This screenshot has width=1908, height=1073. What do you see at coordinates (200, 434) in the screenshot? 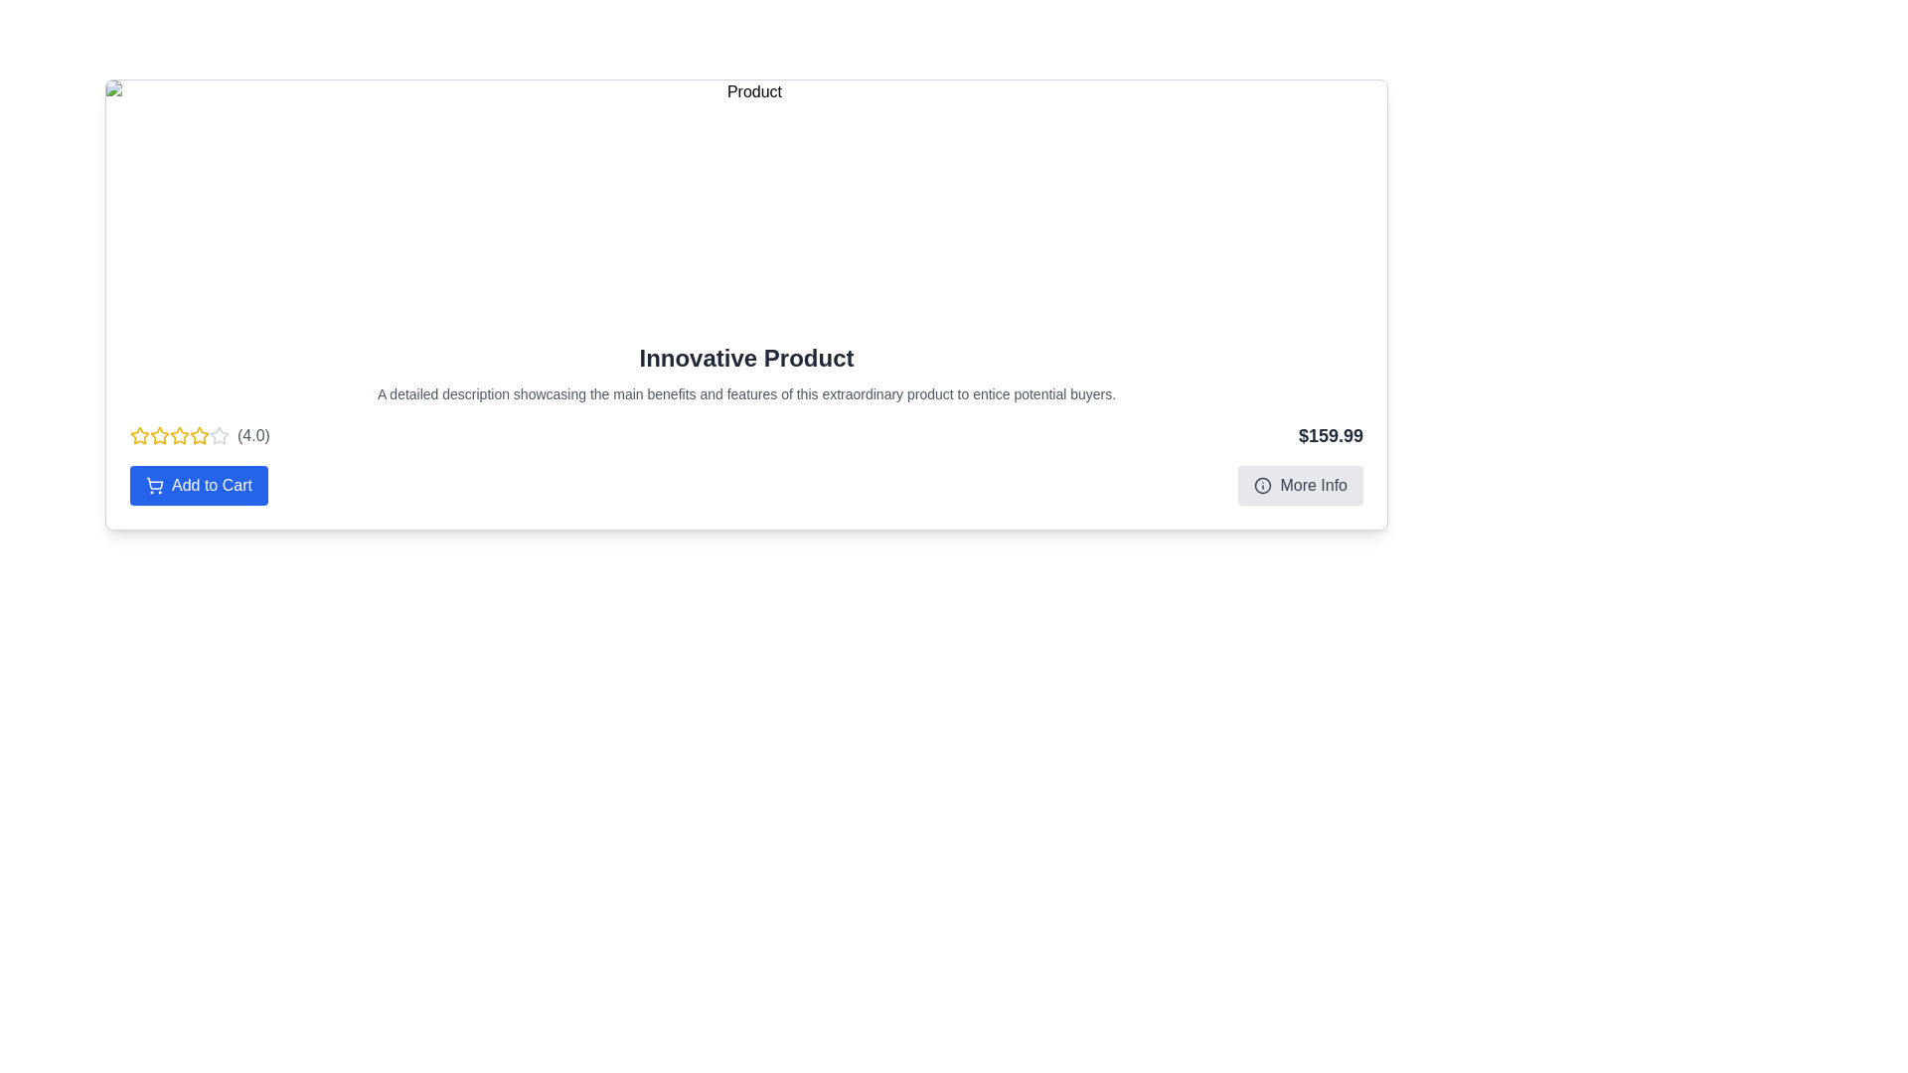
I see `the third yellow star icon` at bounding box center [200, 434].